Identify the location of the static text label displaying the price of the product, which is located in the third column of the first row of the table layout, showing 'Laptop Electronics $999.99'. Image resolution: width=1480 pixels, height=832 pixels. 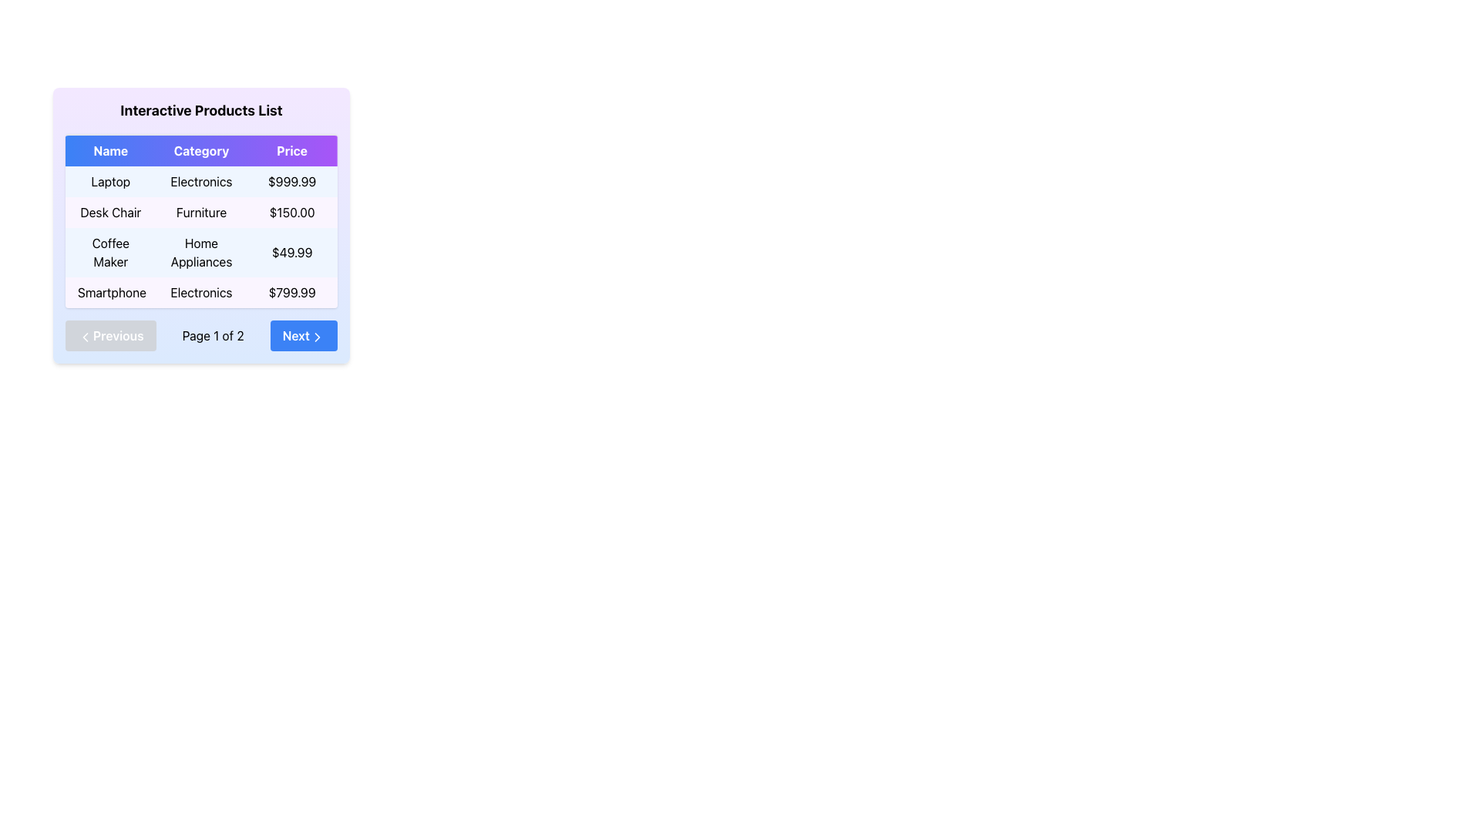
(292, 180).